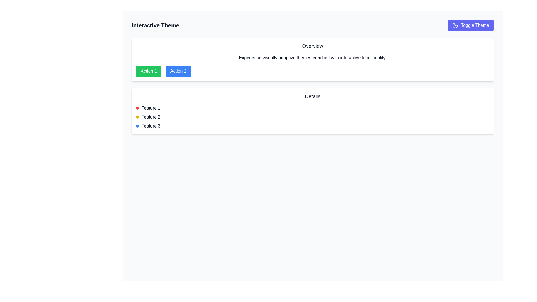 The height and width of the screenshot is (302, 537). What do you see at coordinates (312, 96) in the screenshot?
I see `the Text Label element styled with a larger font size and medium weight, which is located centrally above a list of features and just below the 'Overview' section` at bounding box center [312, 96].